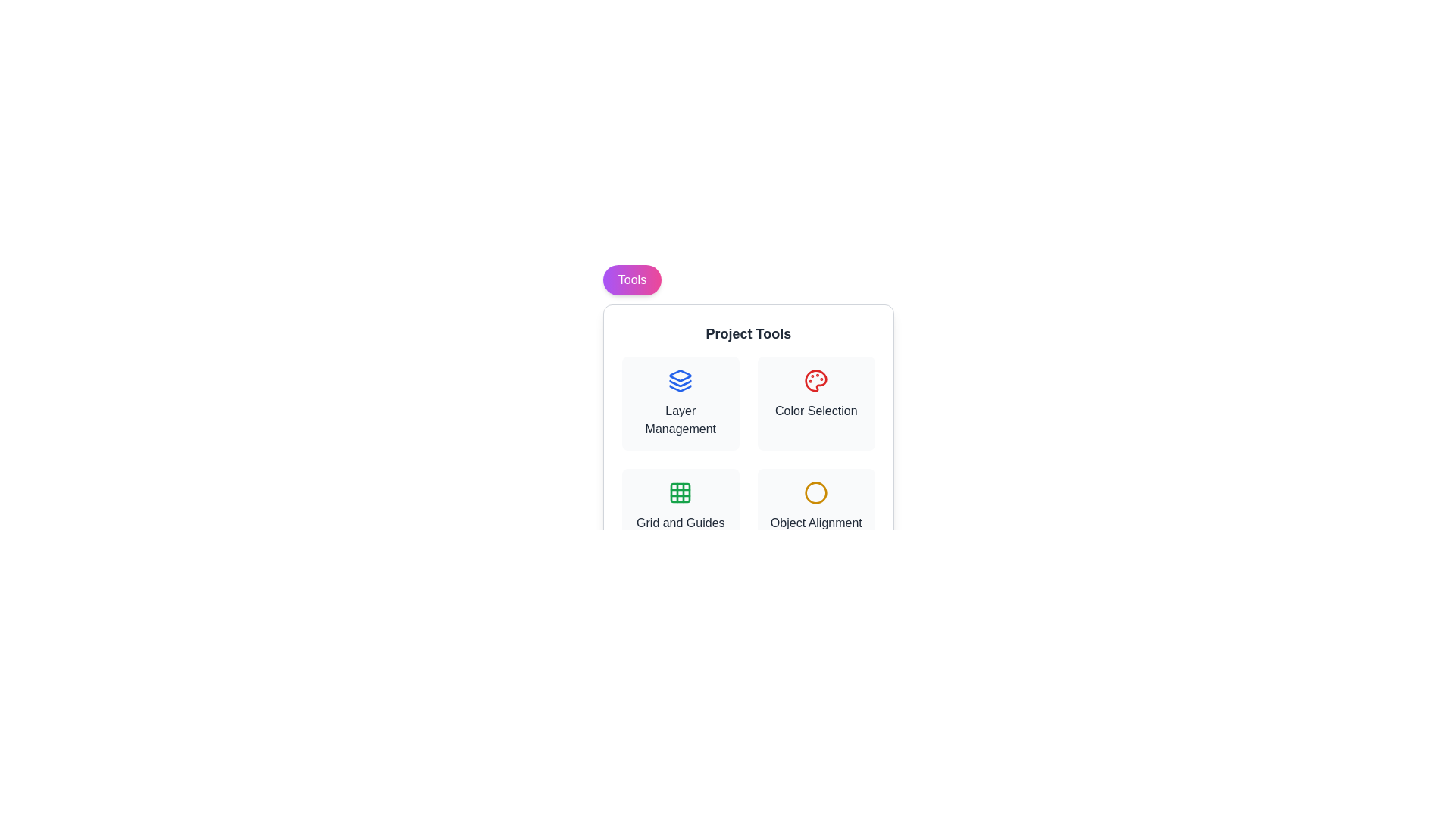 This screenshot has width=1455, height=818. I want to click on the 'Color Selection' button in the top-right cell of the grid layout, so click(815, 402).